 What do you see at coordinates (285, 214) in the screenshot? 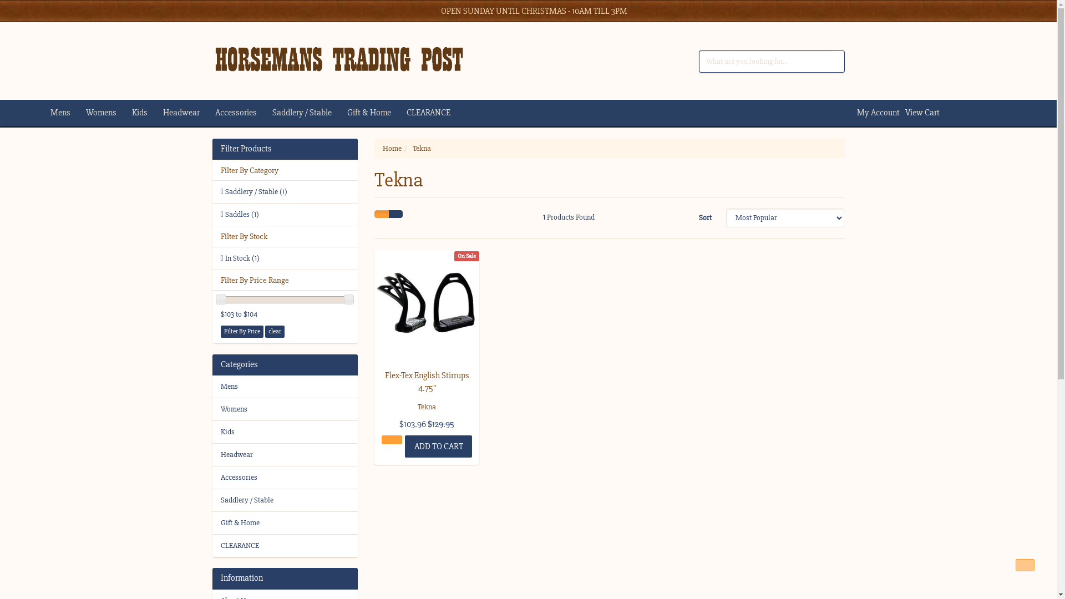
I see `'Saddles (1)'` at bounding box center [285, 214].